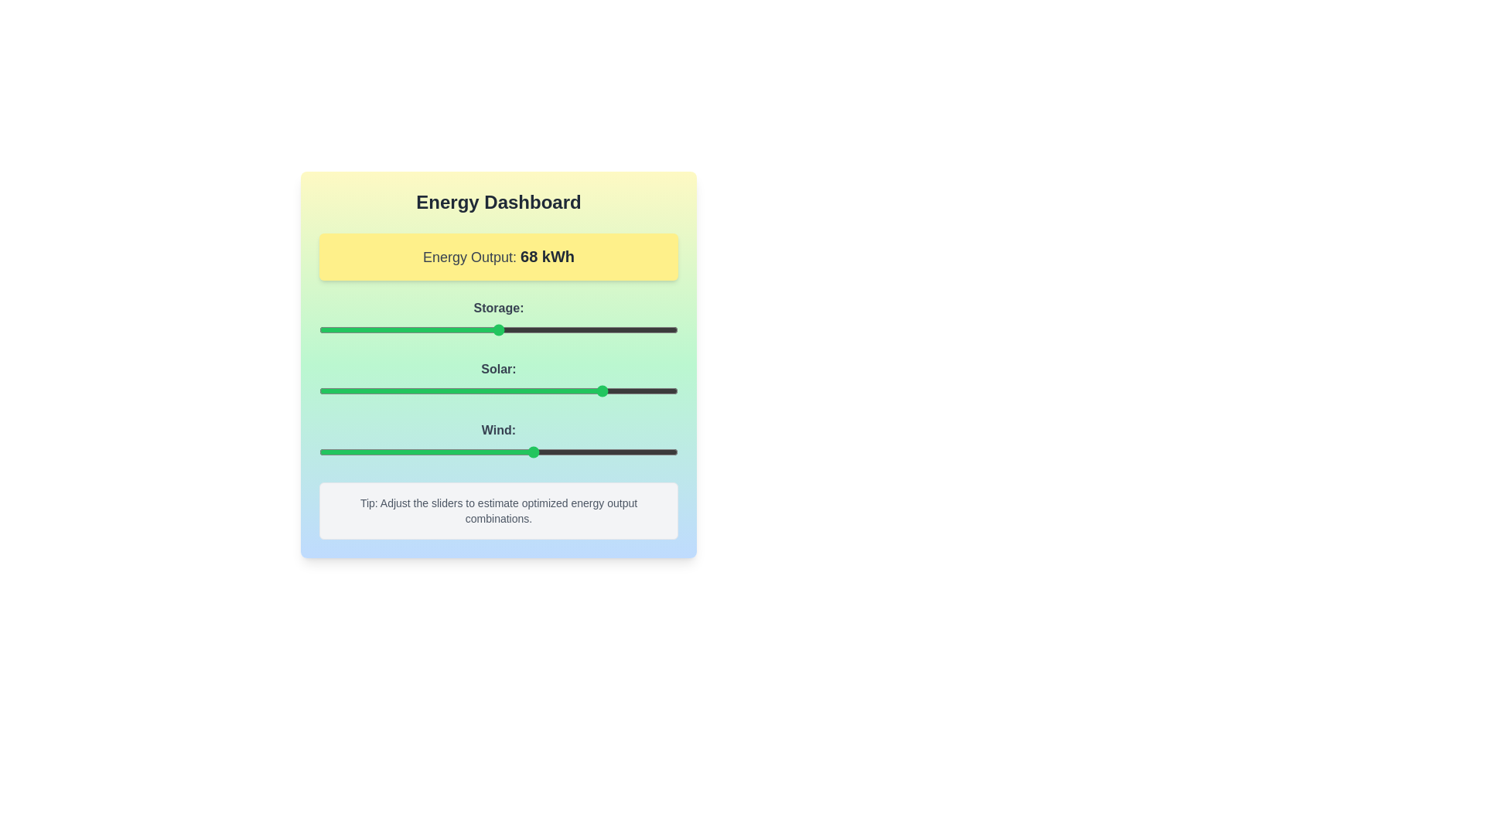 The image size is (1485, 835). Describe the element at coordinates (473, 452) in the screenshot. I see `the 'Wind' slider to set its value to 43` at that location.